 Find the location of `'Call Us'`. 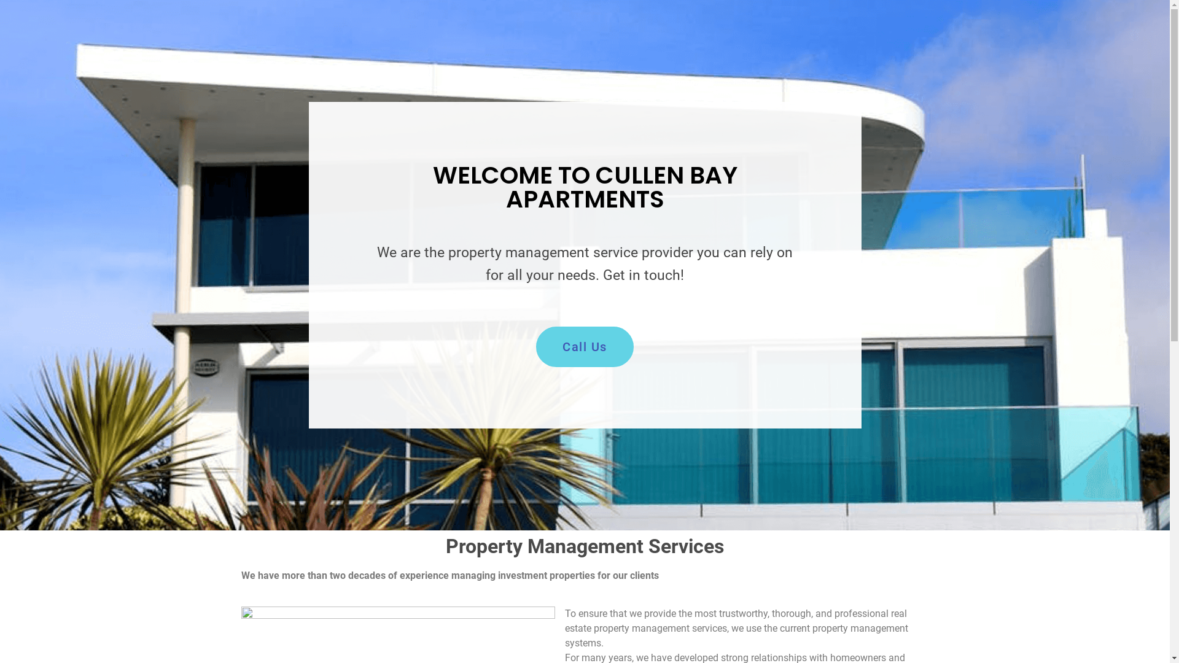

'Call Us' is located at coordinates (584, 346).